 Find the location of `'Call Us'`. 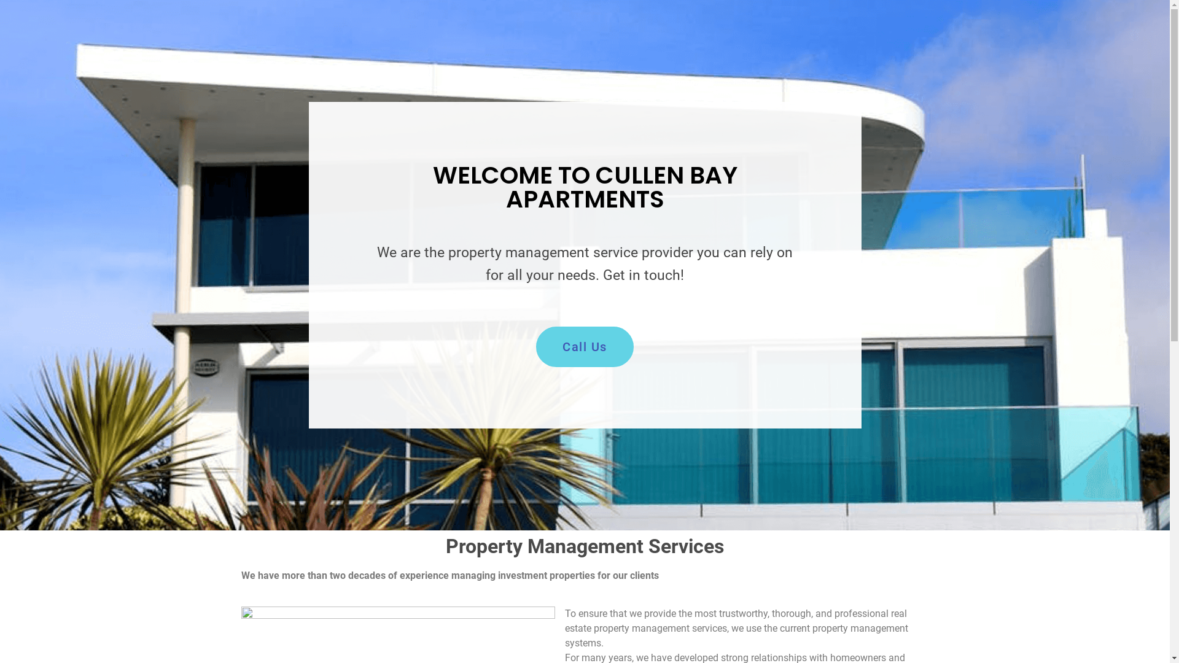

'Call Us' is located at coordinates (584, 346).